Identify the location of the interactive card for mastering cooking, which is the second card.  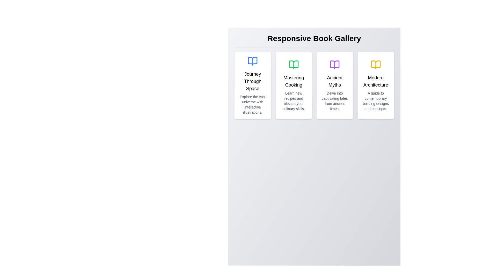
(294, 85).